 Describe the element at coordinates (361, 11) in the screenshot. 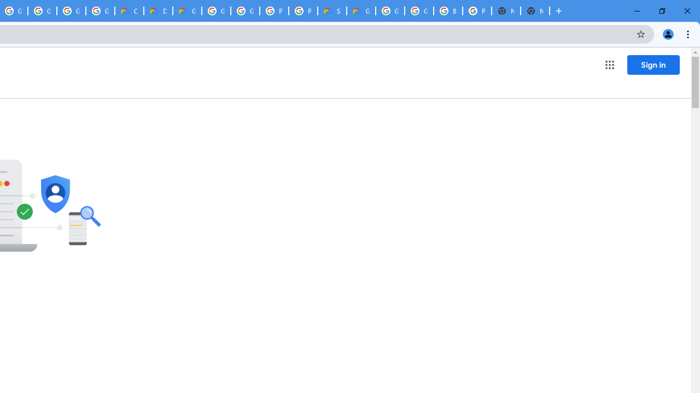

I see `'Google Cloud Service Health'` at that location.